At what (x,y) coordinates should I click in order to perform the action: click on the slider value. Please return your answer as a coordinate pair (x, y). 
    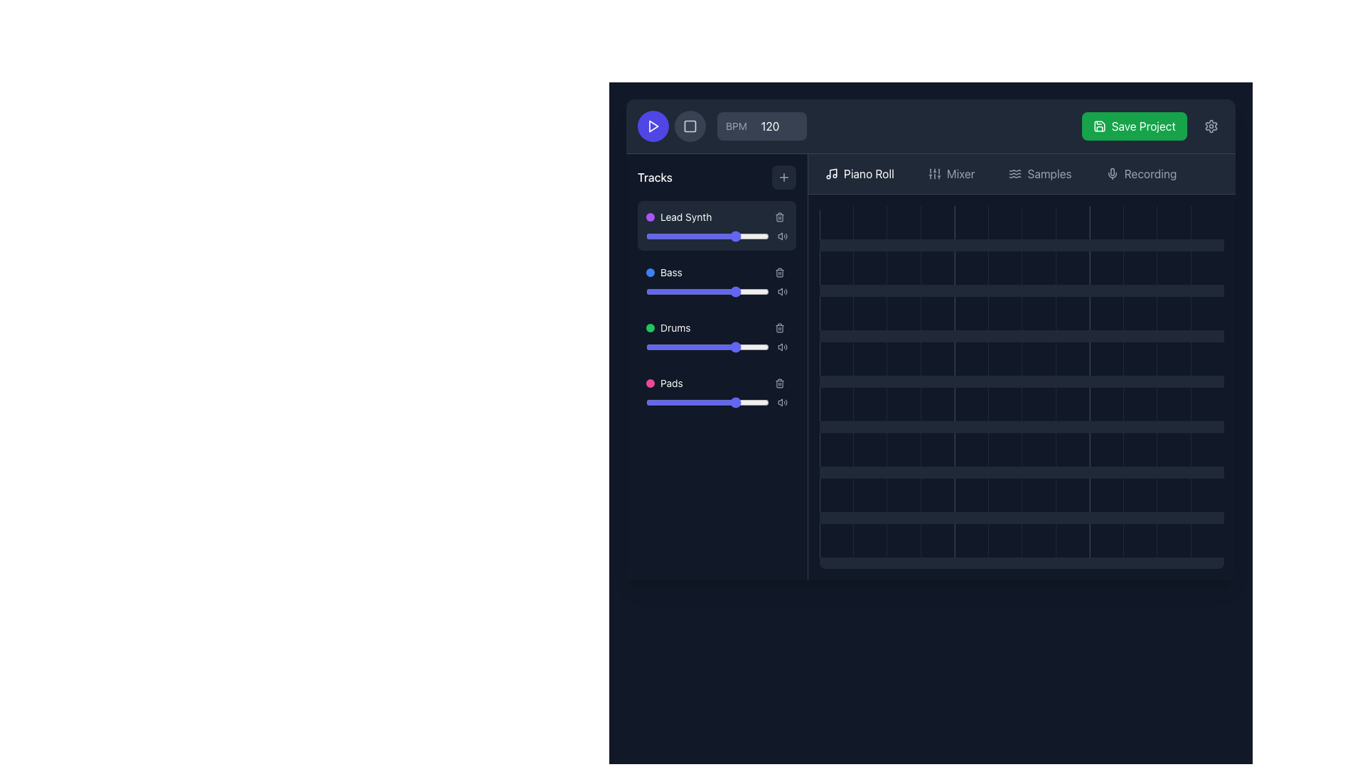
    Looking at the image, I should click on (707, 347).